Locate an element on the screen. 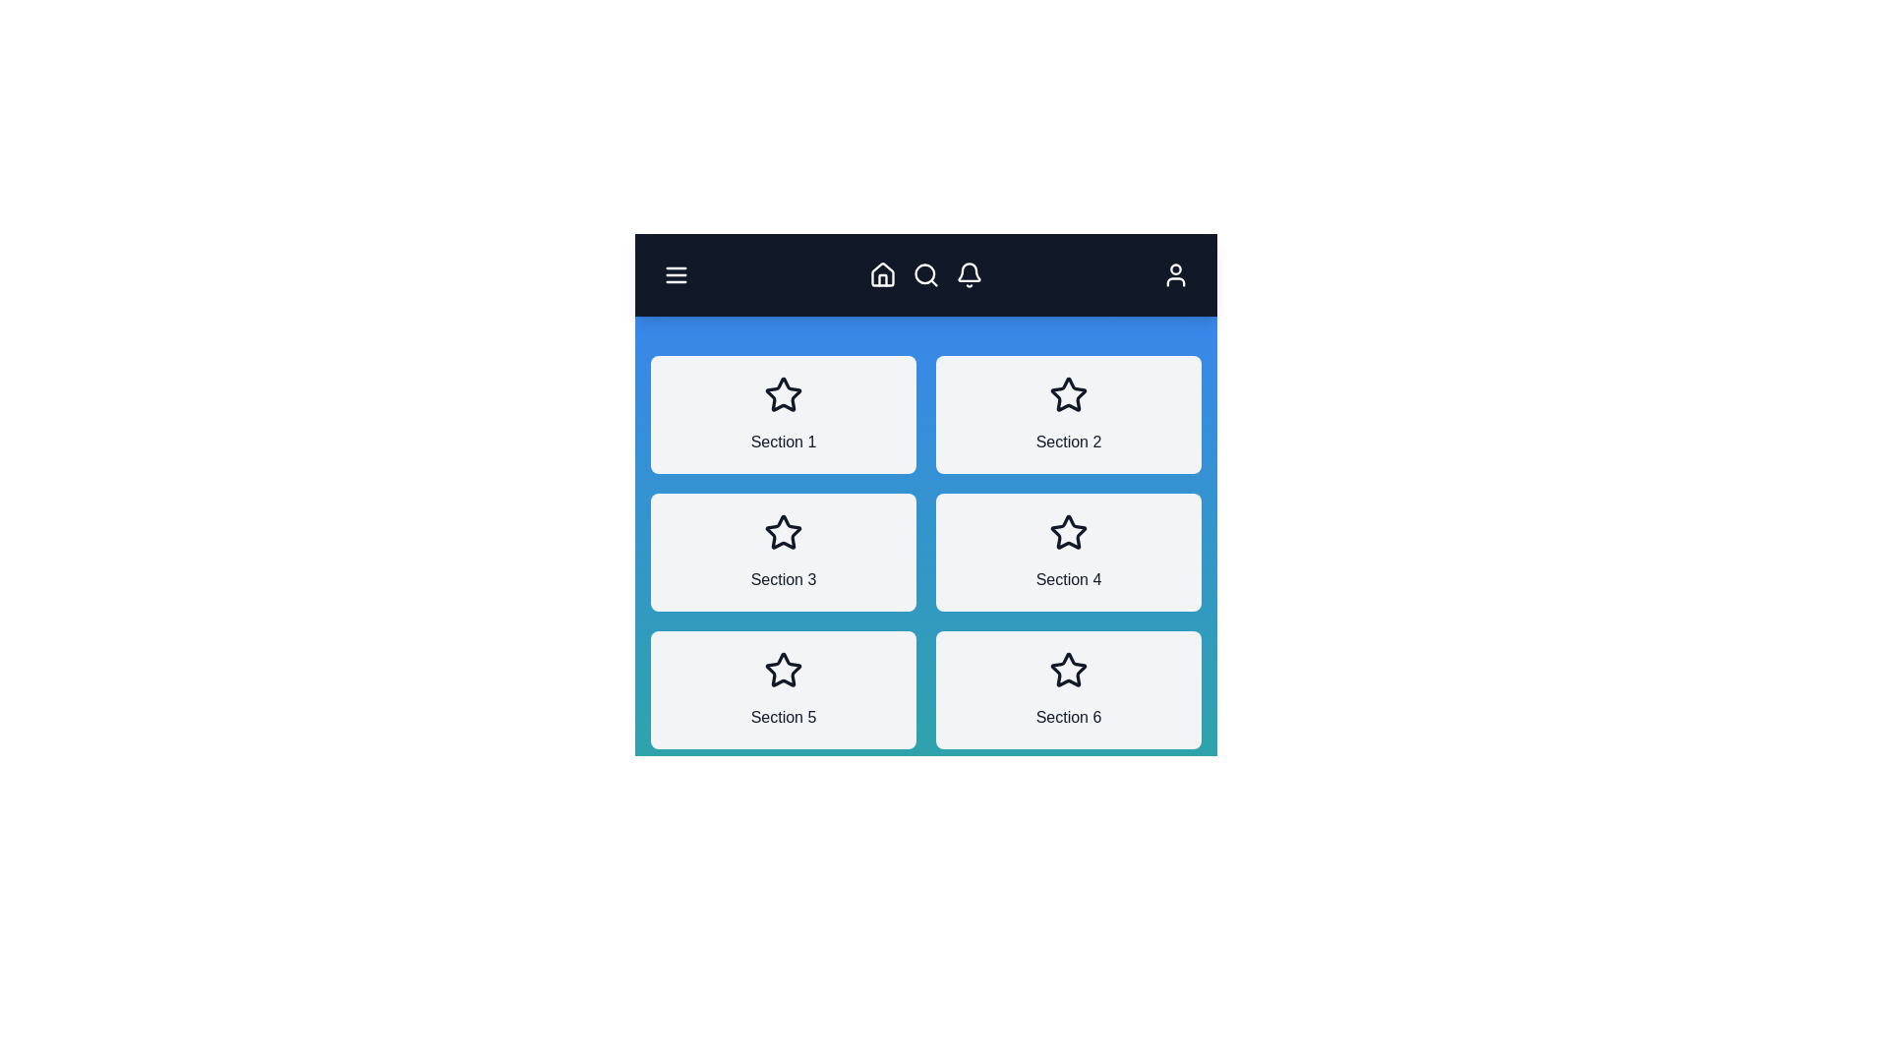 The image size is (1888, 1062). the section labeled Section 4 to view its details is located at coordinates (1067, 553).